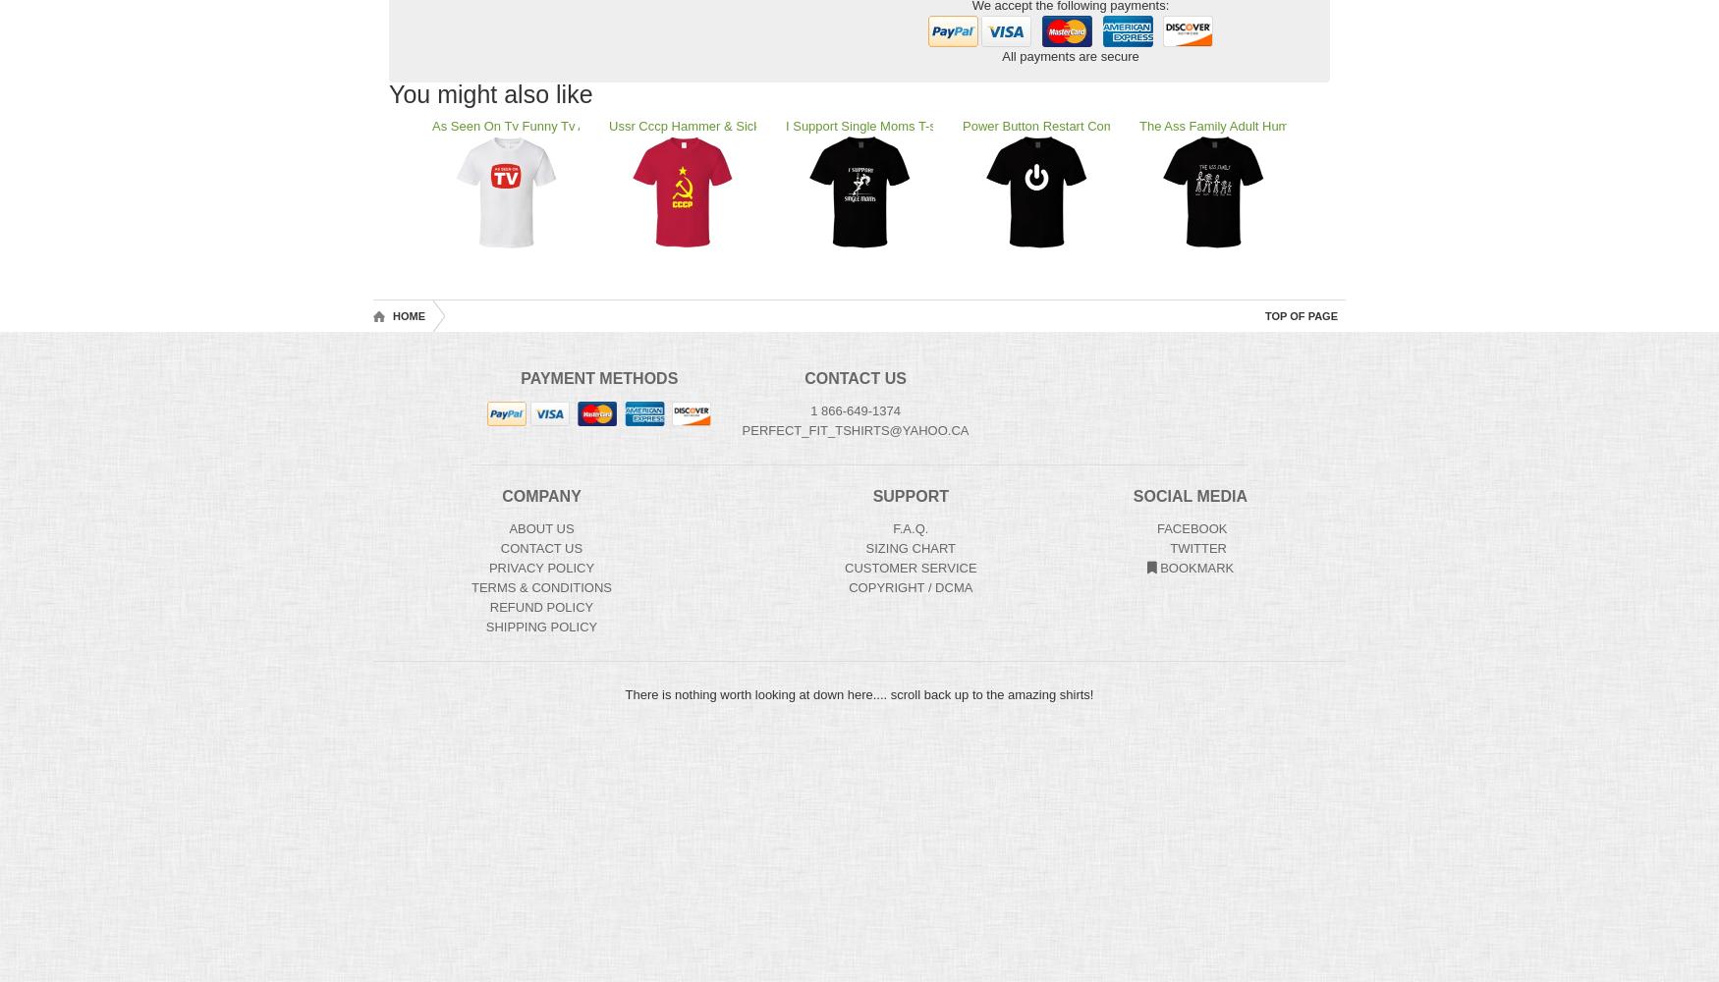  I want to click on '1 866-649-1374', so click(855, 410).